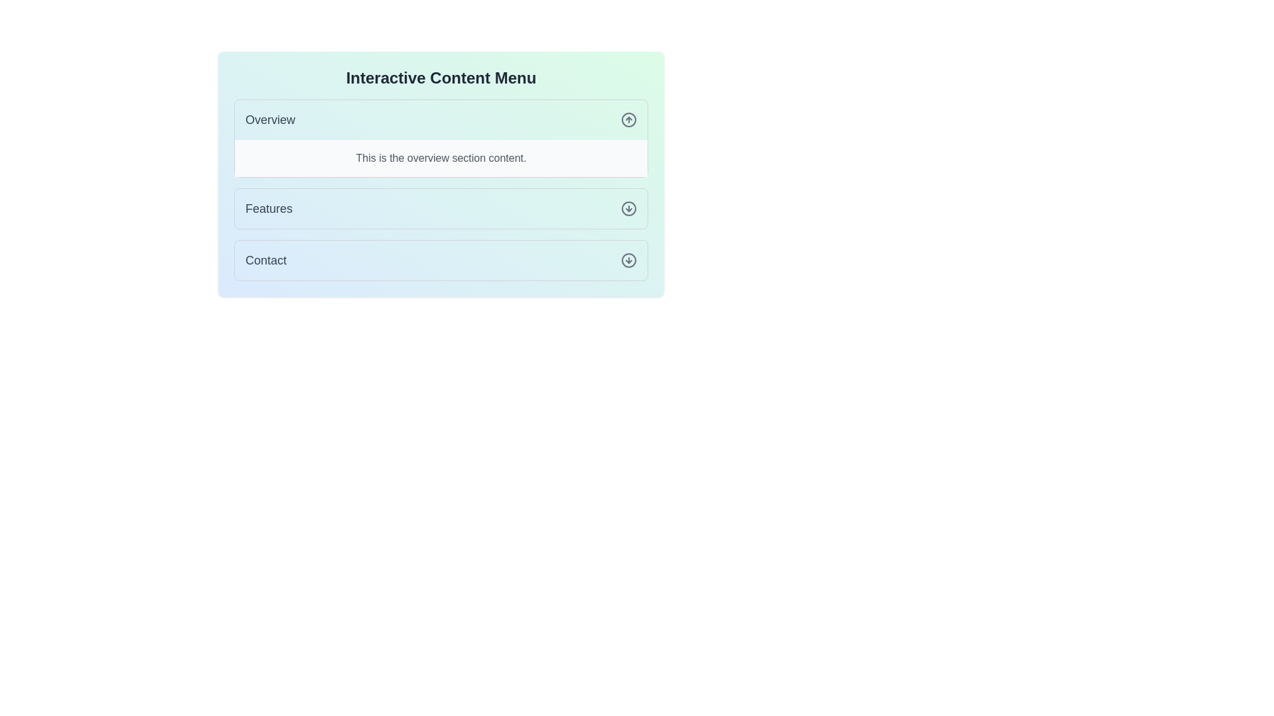  Describe the element at coordinates (441, 209) in the screenshot. I see `the 'Features' button, which is the second option in a vertical list of buttons with a light background and gray border` at that location.